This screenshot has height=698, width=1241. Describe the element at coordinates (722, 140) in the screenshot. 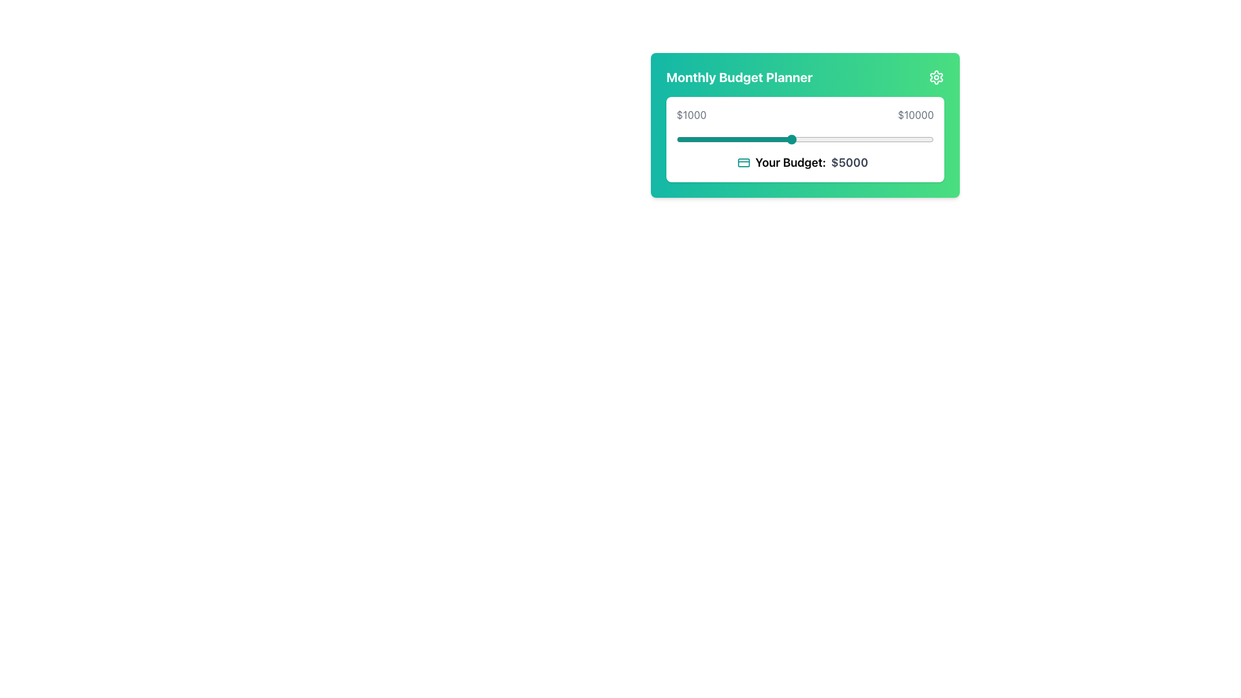

I see `the budget slider` at that location.